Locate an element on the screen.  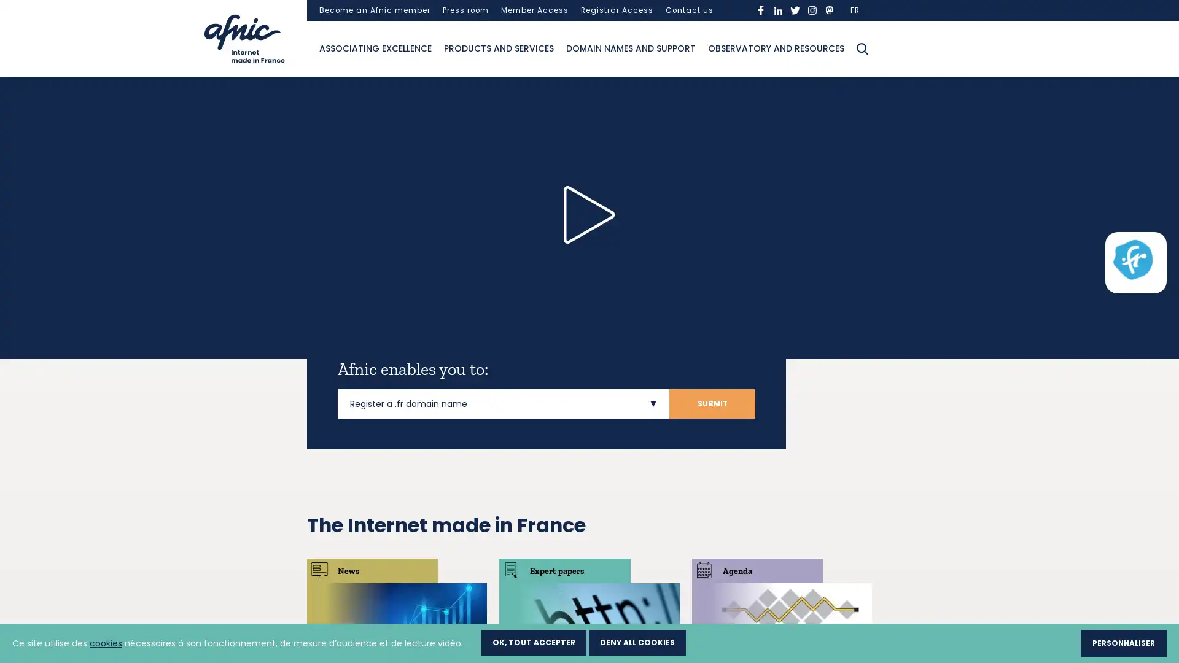
PERSONNALISER is located at coordinates (1123, 642).